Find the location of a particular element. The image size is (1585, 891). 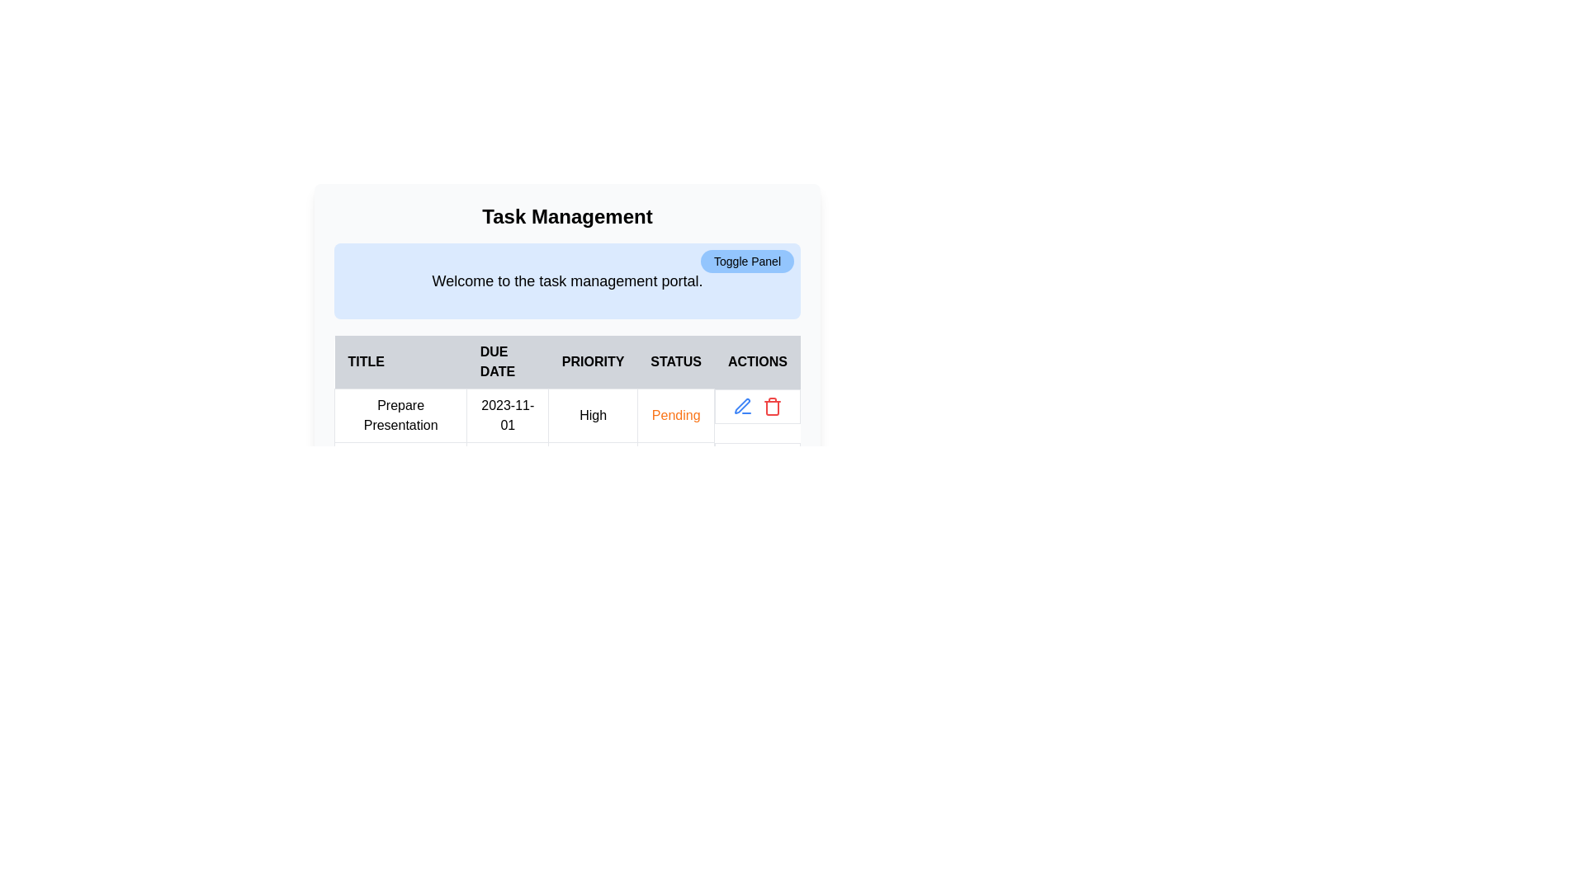

the last column header of the table, which serves as a header for action-related controls displayed below it in the table column is located at coordinates (756, 361).